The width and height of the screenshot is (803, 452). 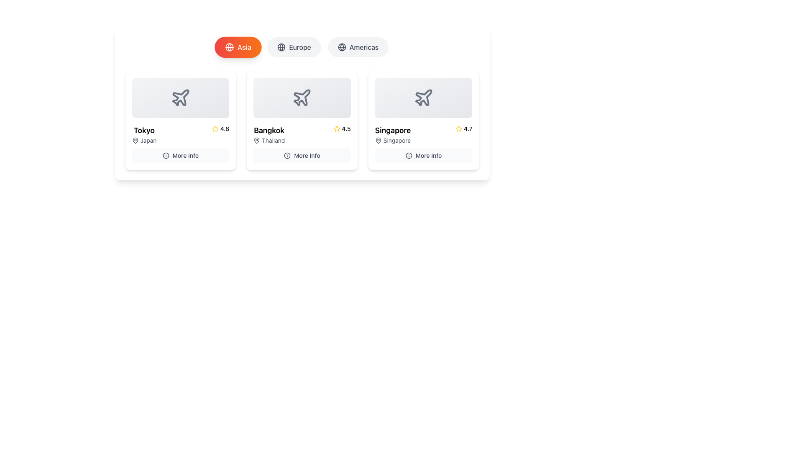 What do you see at coordinates (229, 47) in the screenshot?
I see `the globe icon that is part of the 'Asia' button, which symbolizes global locations or travel and is positioned at the far left of the button` at bounding box center [229, 47].